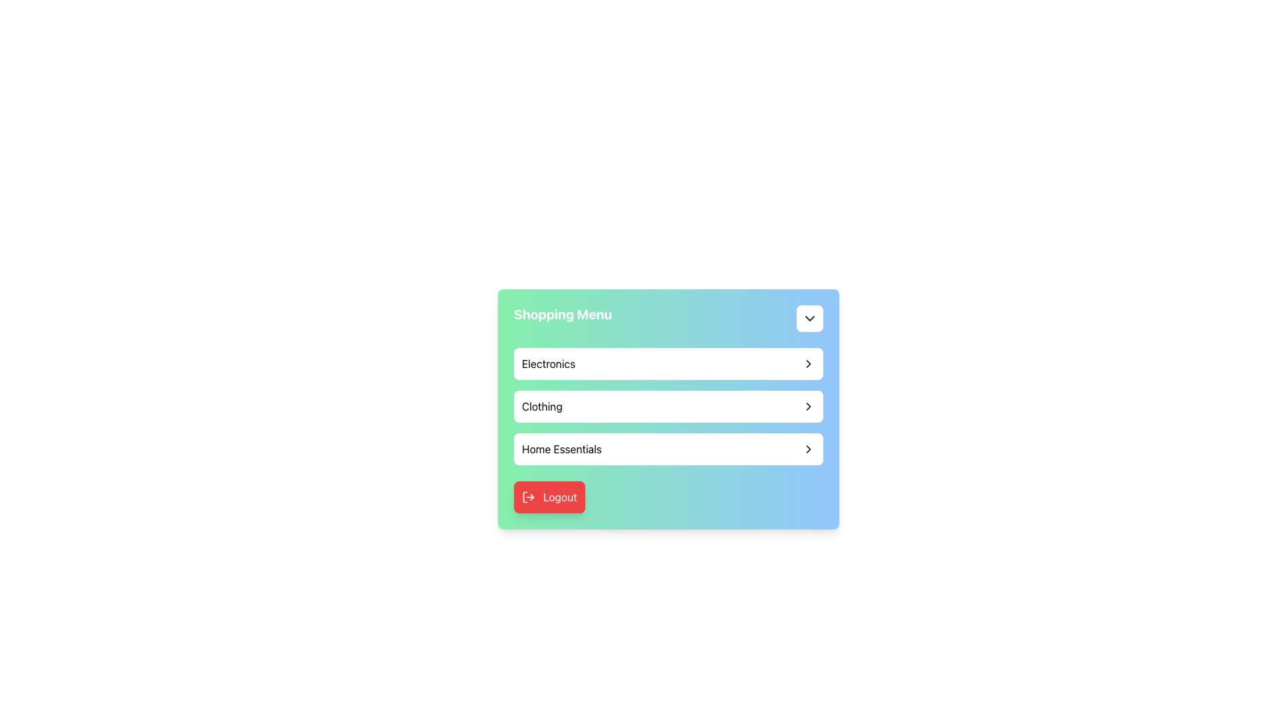  Describe the element at coordinates (527, 497) in the screenshot. I see `the logout icon, which is an arrow pointing right, located within a red button labeled 'Logout' at the bottom of the menu interface` at that location.